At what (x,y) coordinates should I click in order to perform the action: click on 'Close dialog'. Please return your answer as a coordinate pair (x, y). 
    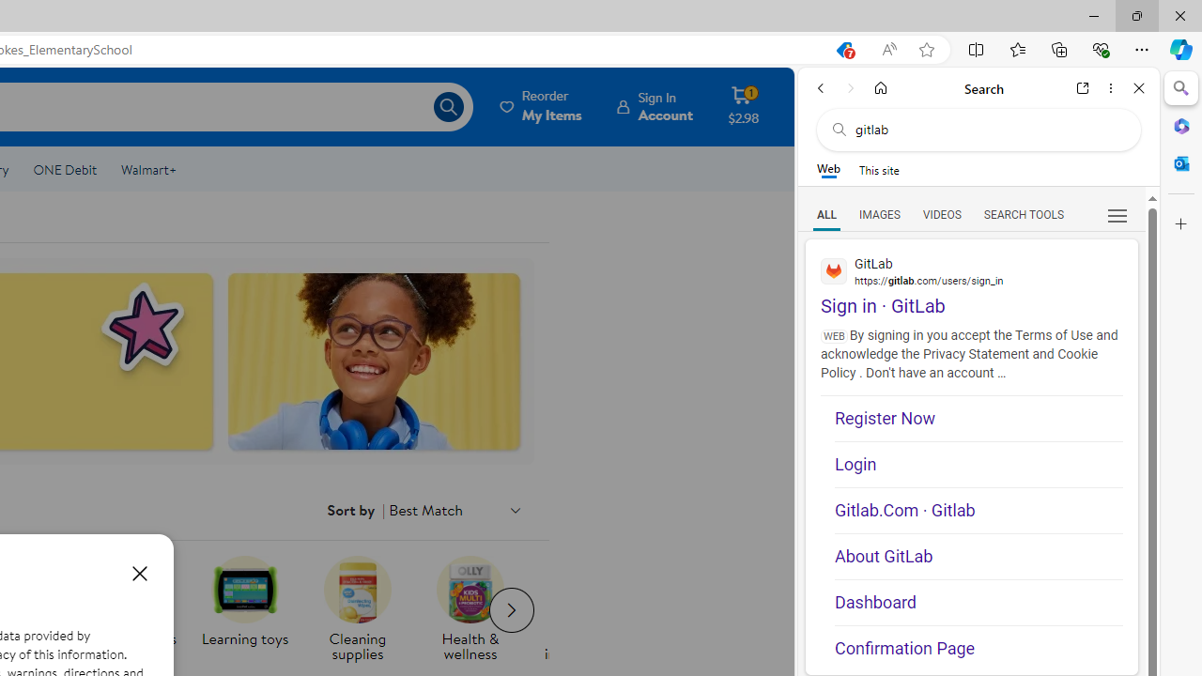
    Looking at the image, I should click on (139, 572).